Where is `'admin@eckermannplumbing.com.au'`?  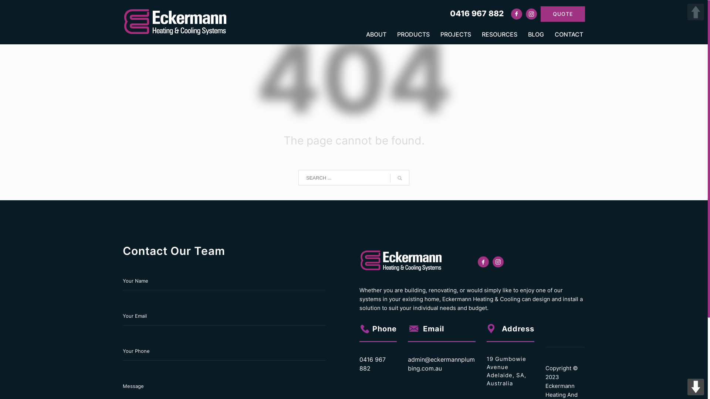 'admin@eckermannplumbing.com.au' is located at coordinates (408, 363).